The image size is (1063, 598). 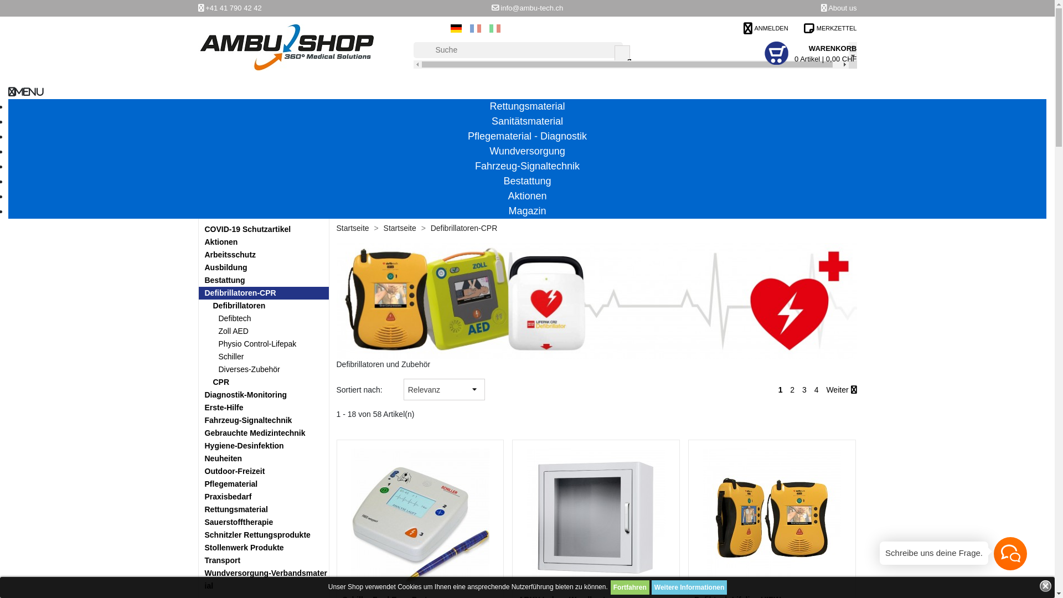 What do you see at coordinates (507, 210) in the screenshot?
I see `'Magazin'` at bounding box center [507, 210].